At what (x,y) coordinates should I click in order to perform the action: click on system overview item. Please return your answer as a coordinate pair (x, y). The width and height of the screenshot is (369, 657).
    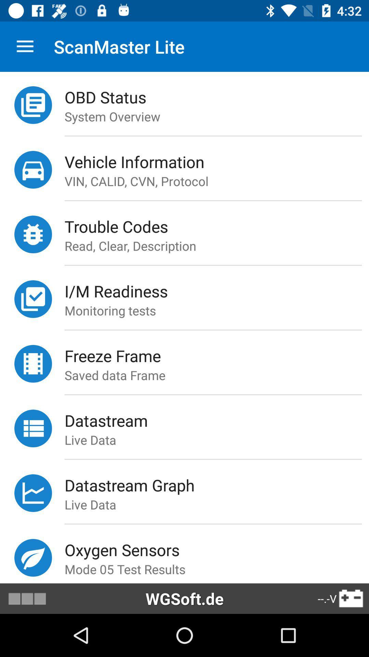
    Looking at the image, I should click on (217, 116).